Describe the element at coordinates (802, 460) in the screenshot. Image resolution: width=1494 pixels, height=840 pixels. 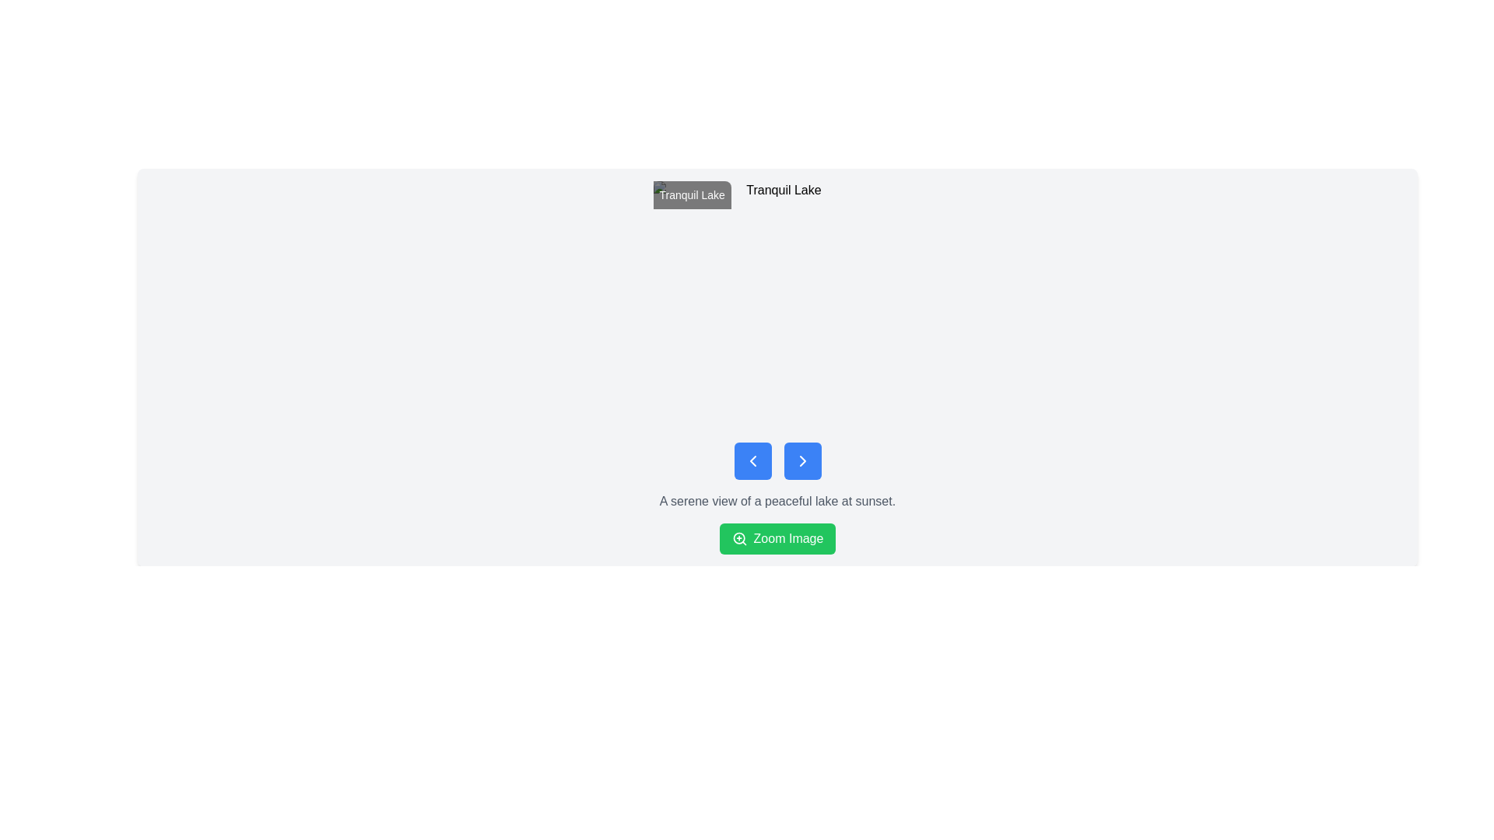
I see `the second blue button with a rightward arrow icon to observe interactive feedback` at that location.